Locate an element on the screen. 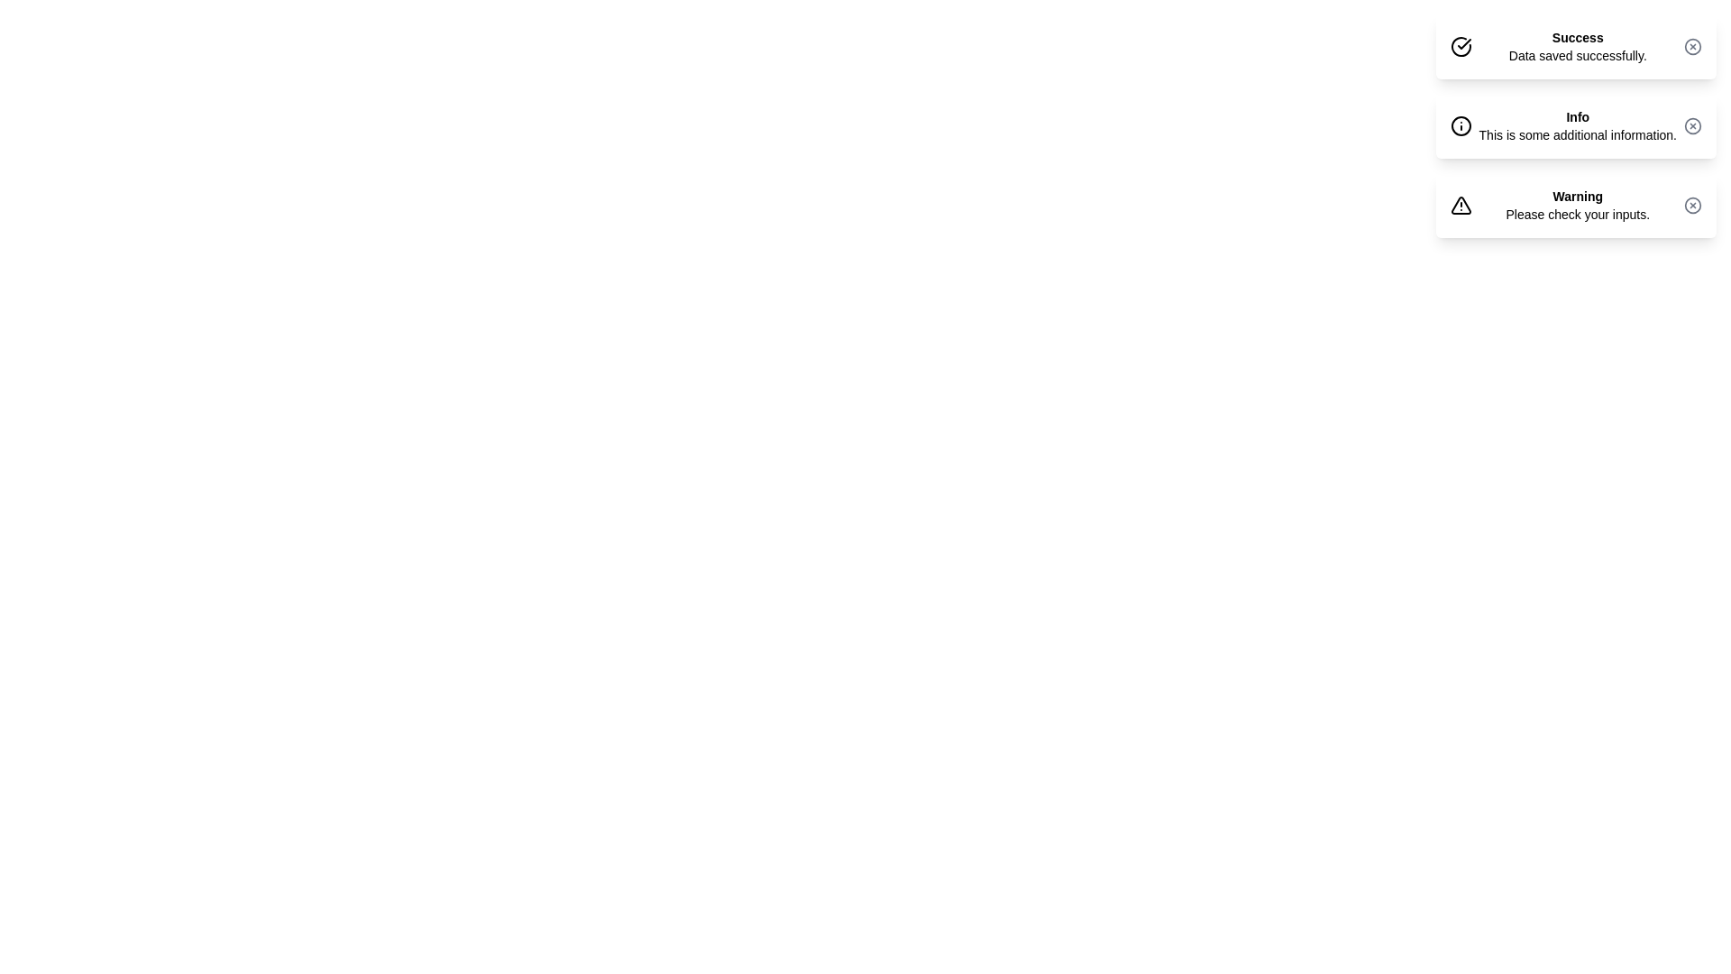 This screenshot has height=974, width=1731. the SVG Circle that represents the outer boundary of the information icon, which is positioned second in a vertical list of alert messages on the right side of the interface is located at coordinates (1461, 124).